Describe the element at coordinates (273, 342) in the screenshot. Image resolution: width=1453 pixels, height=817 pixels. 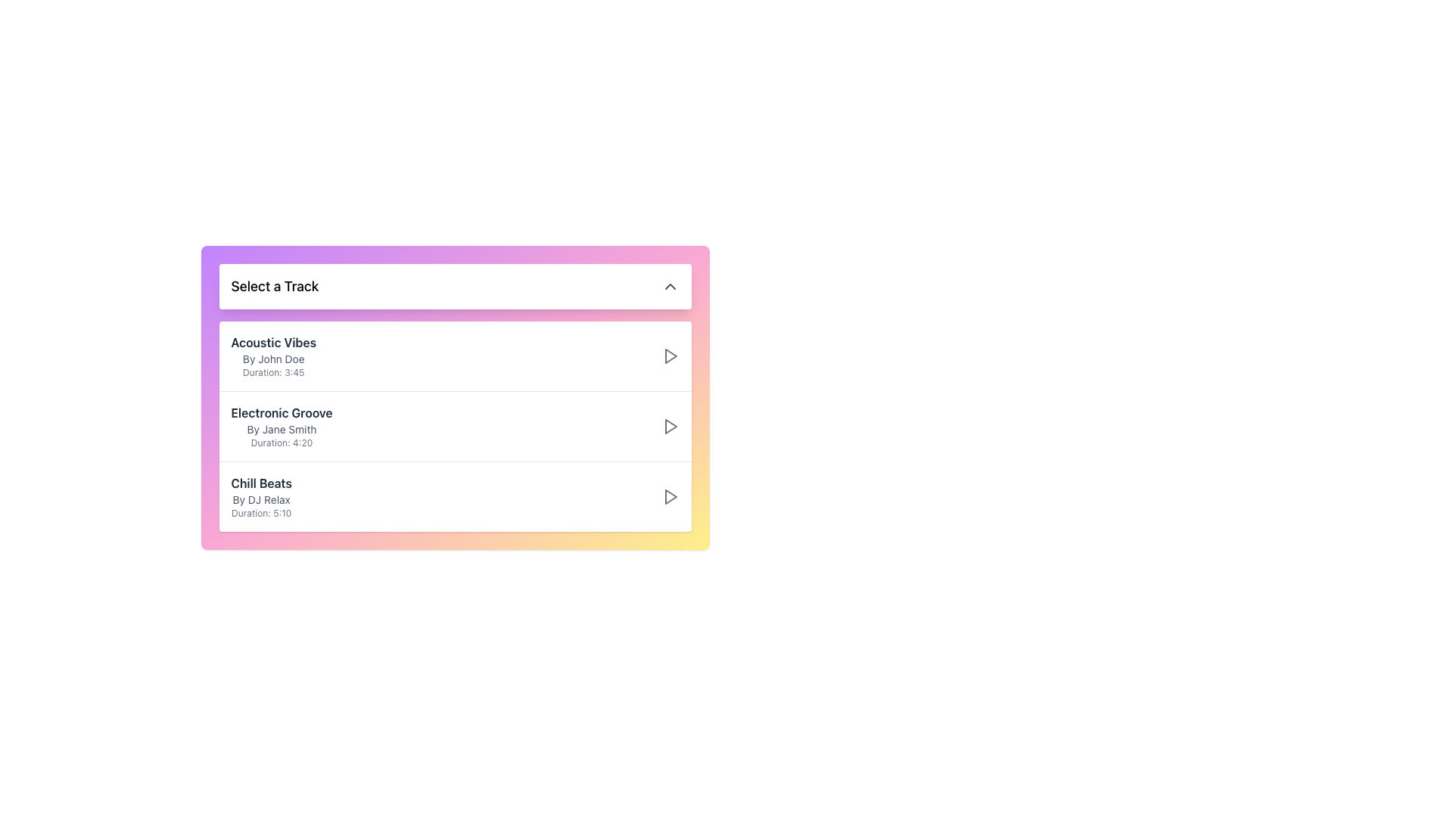
I see `the Text Display element that contains the text 'Acoustic Vibes' in bold and dark gray font, which is the heading of the first track entry in the list` at that location.